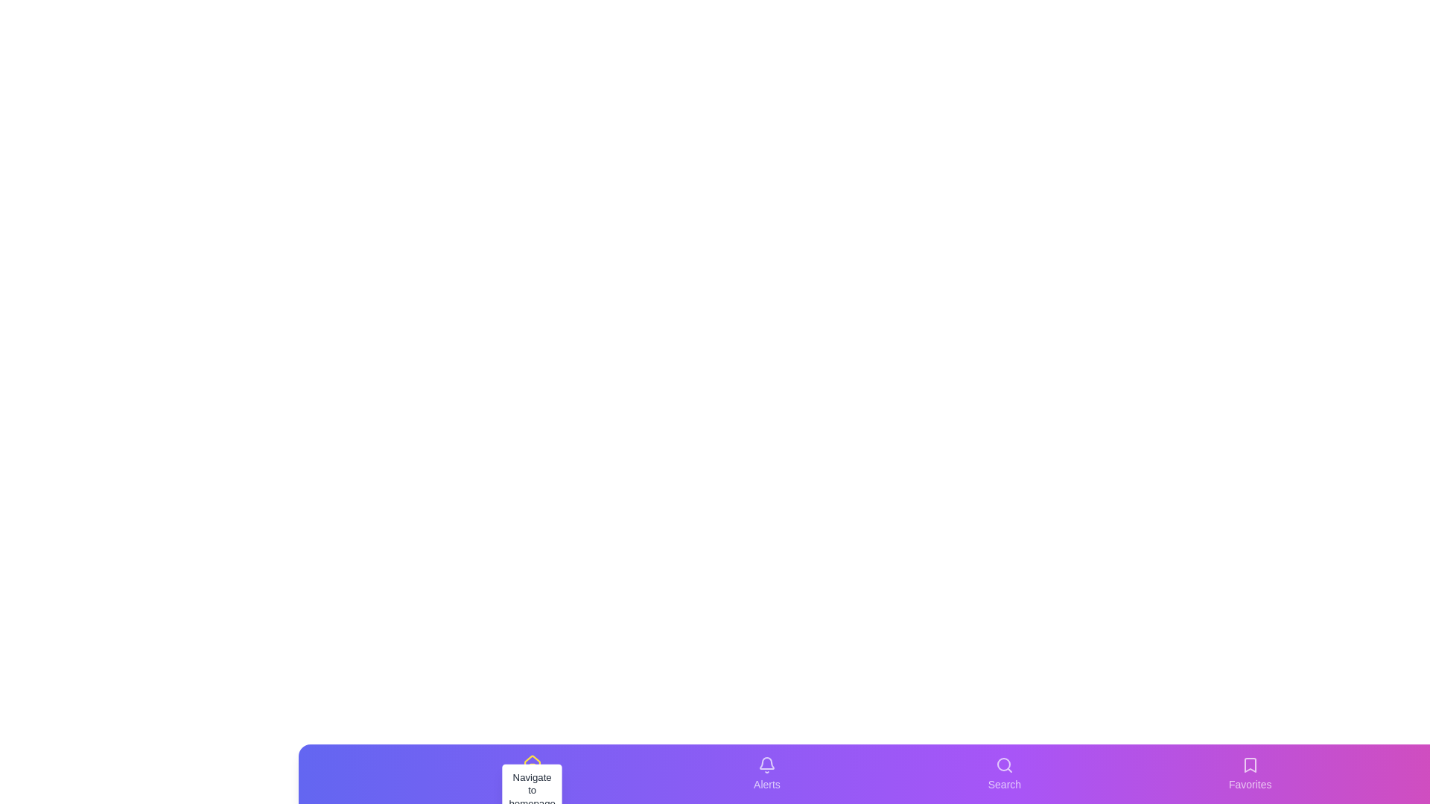 The image size is (1430, 804). Describe the element at coordinates (1250, 773) in the screenshot. I see `the tab labeled Favorites in the bottom navigation bar` at that location.